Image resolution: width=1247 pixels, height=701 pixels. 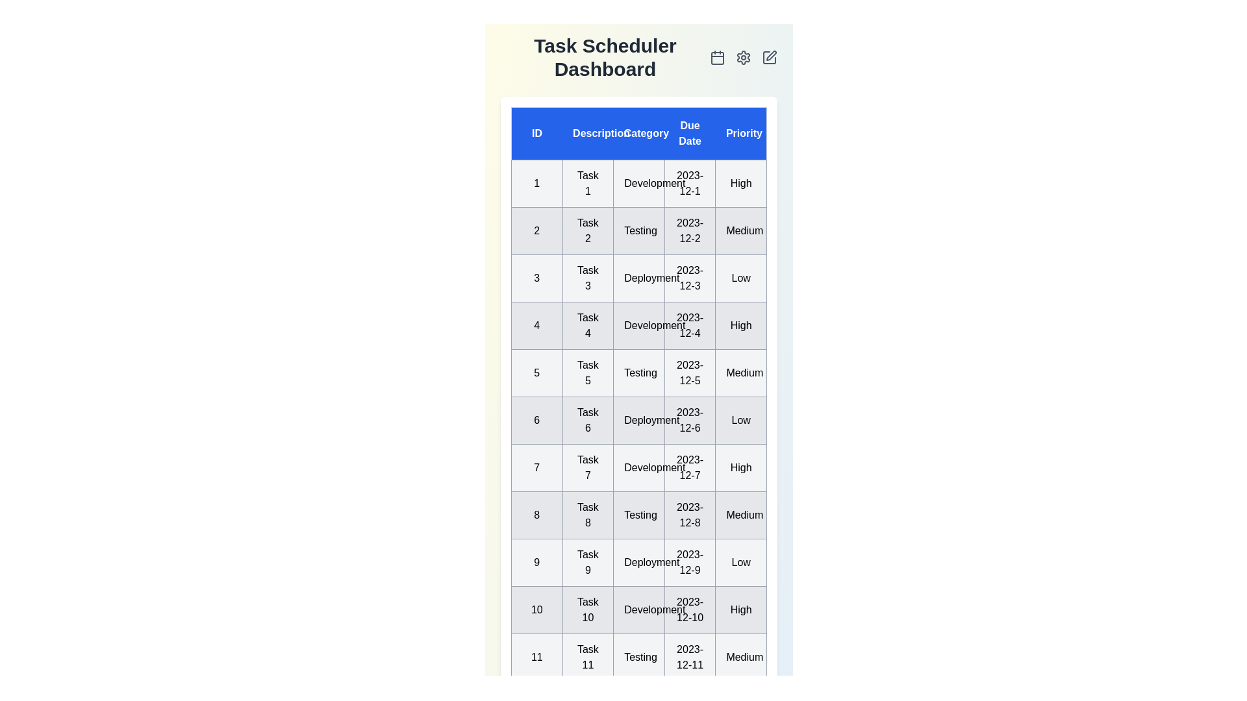 I want to click on the gear icon in the header to navigate to the settings page, so click(x=744, y=56).